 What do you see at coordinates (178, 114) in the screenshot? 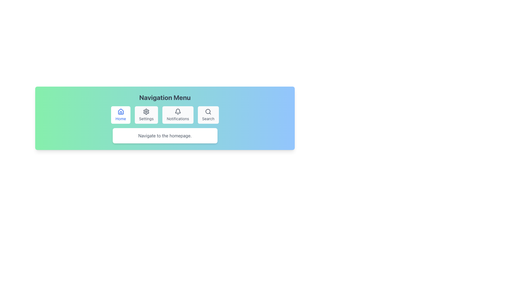
I see `the 'Notifications' button, which is a rectangular button with a light gray background and a bell icon, located in the horizontal navigation menu between the 'Settings' and 'Search' buttons` at bounding box center [178, 114].